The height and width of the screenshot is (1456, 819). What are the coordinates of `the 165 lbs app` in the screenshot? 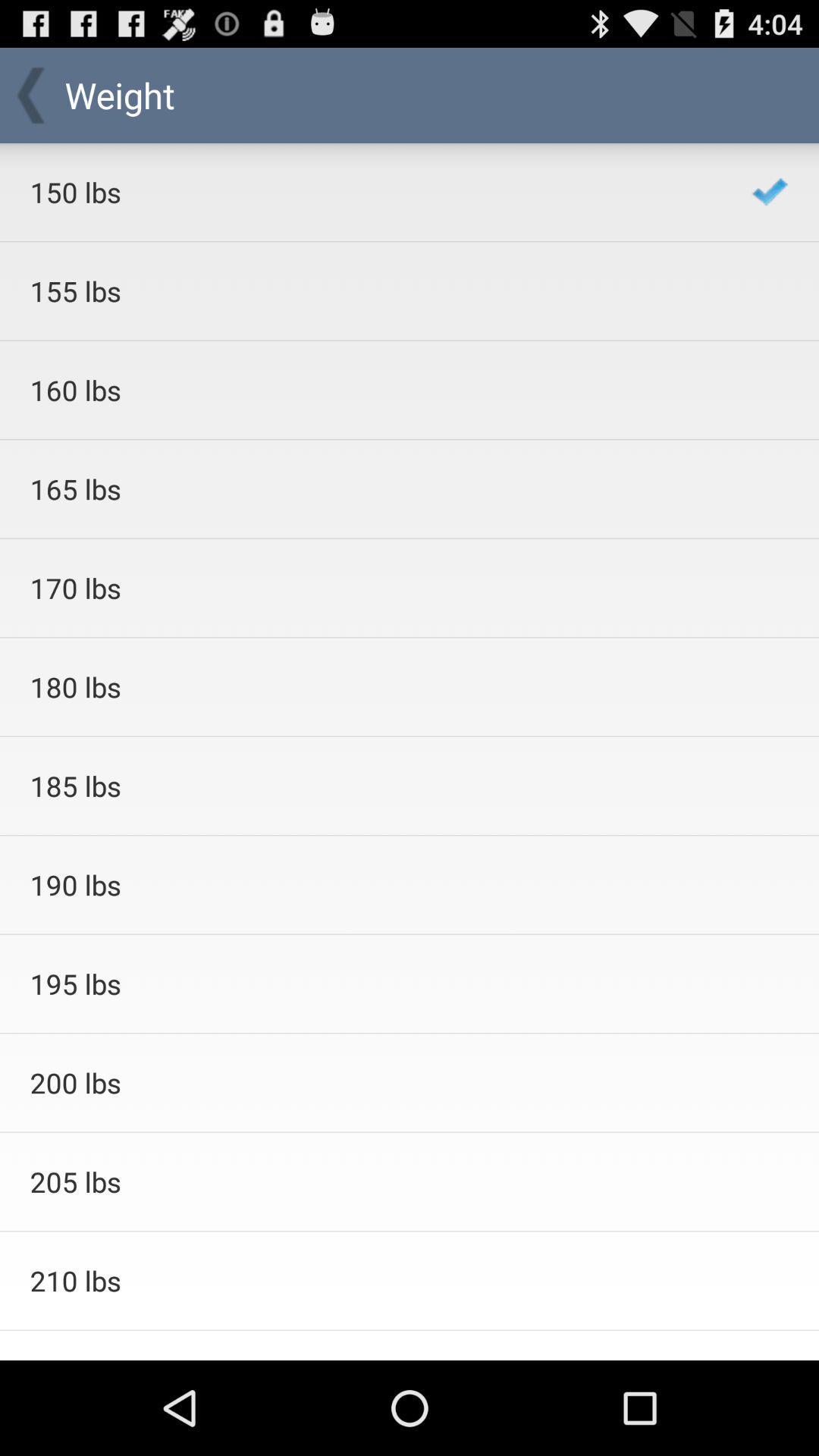 It's located at (371, 488).